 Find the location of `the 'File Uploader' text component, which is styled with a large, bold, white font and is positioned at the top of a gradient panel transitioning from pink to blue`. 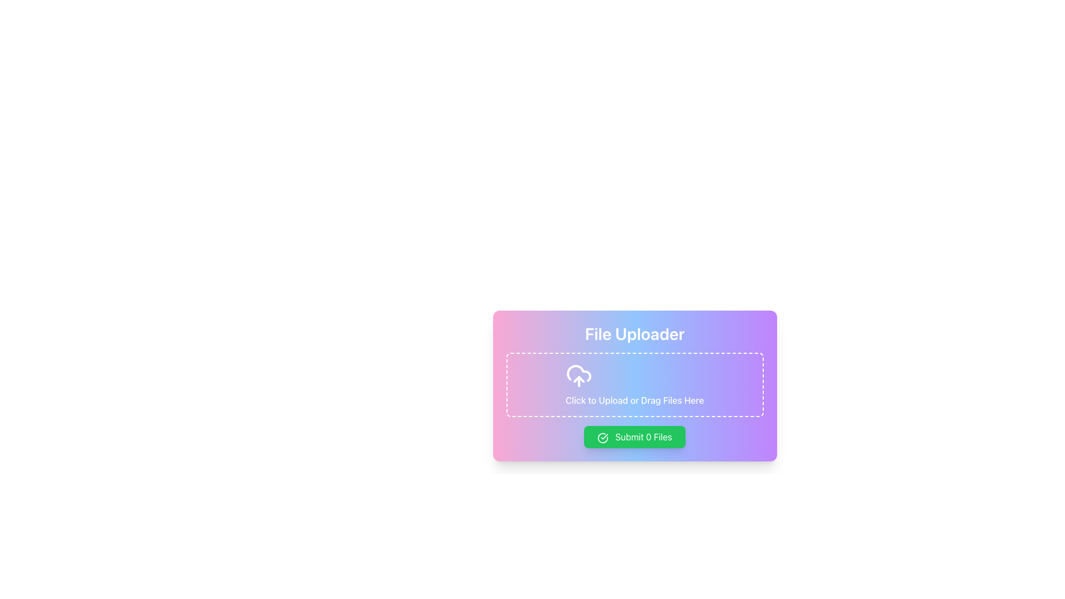

the 'File Uploader' text component, which is styled with a large, bold, white font and is positioned at the top of a gradient panel transitioning from pink to blue is located at coordinates (635, 333).